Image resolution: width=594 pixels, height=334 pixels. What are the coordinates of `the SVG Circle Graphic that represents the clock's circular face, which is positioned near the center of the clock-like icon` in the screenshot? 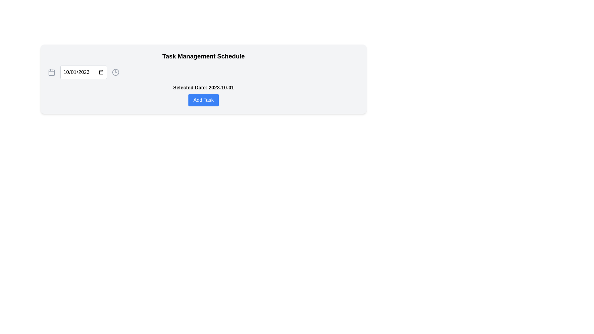 It's located at (116, 72).